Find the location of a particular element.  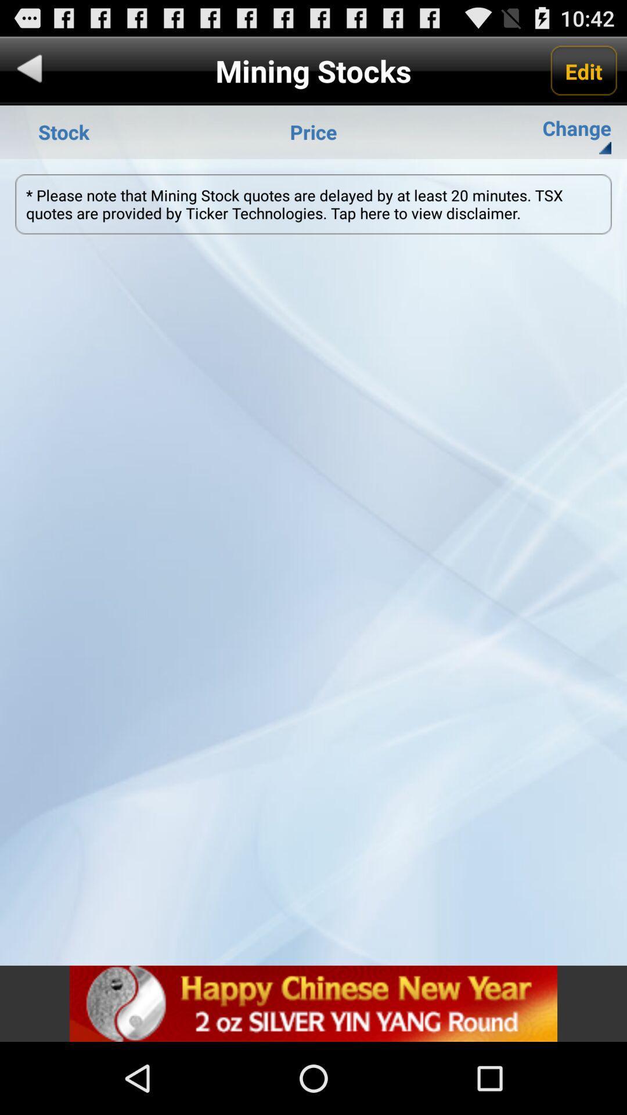

previous is located at coordinates (29, 70).